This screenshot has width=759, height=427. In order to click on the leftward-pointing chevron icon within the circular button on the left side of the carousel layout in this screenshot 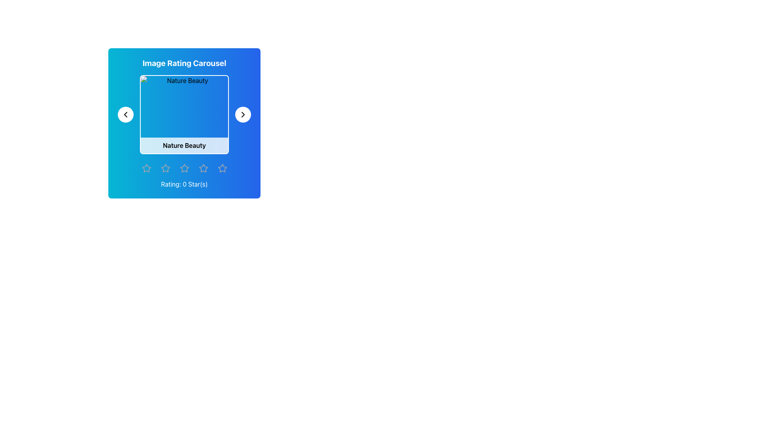, I will do `click(125, 114)`.